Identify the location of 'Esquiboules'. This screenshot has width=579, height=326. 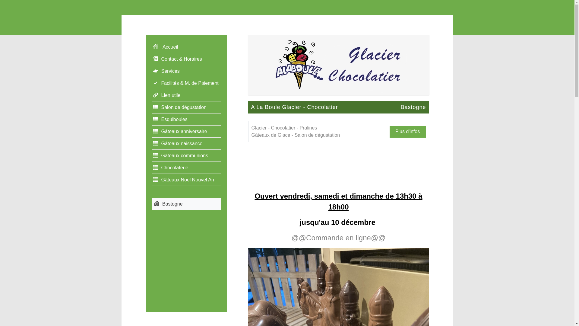
(186, 120).